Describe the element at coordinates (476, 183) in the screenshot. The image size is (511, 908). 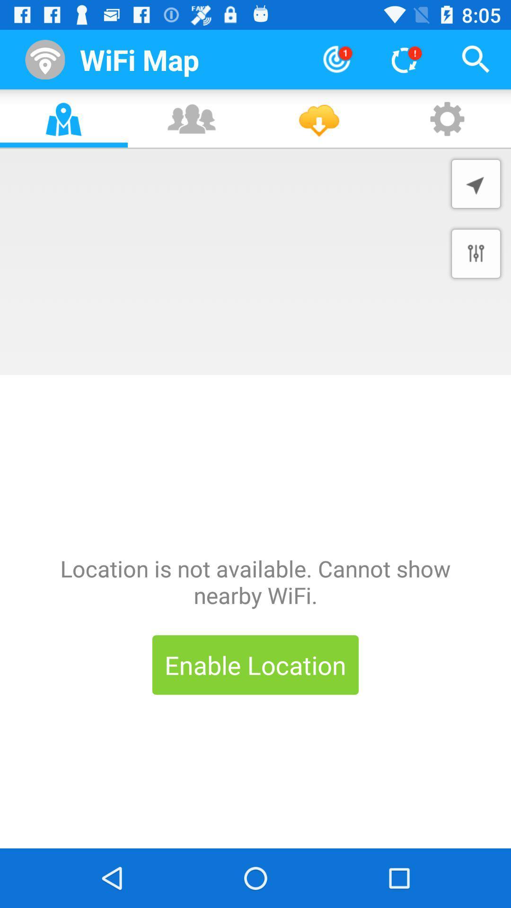
I see `the navigation icon` at that location.